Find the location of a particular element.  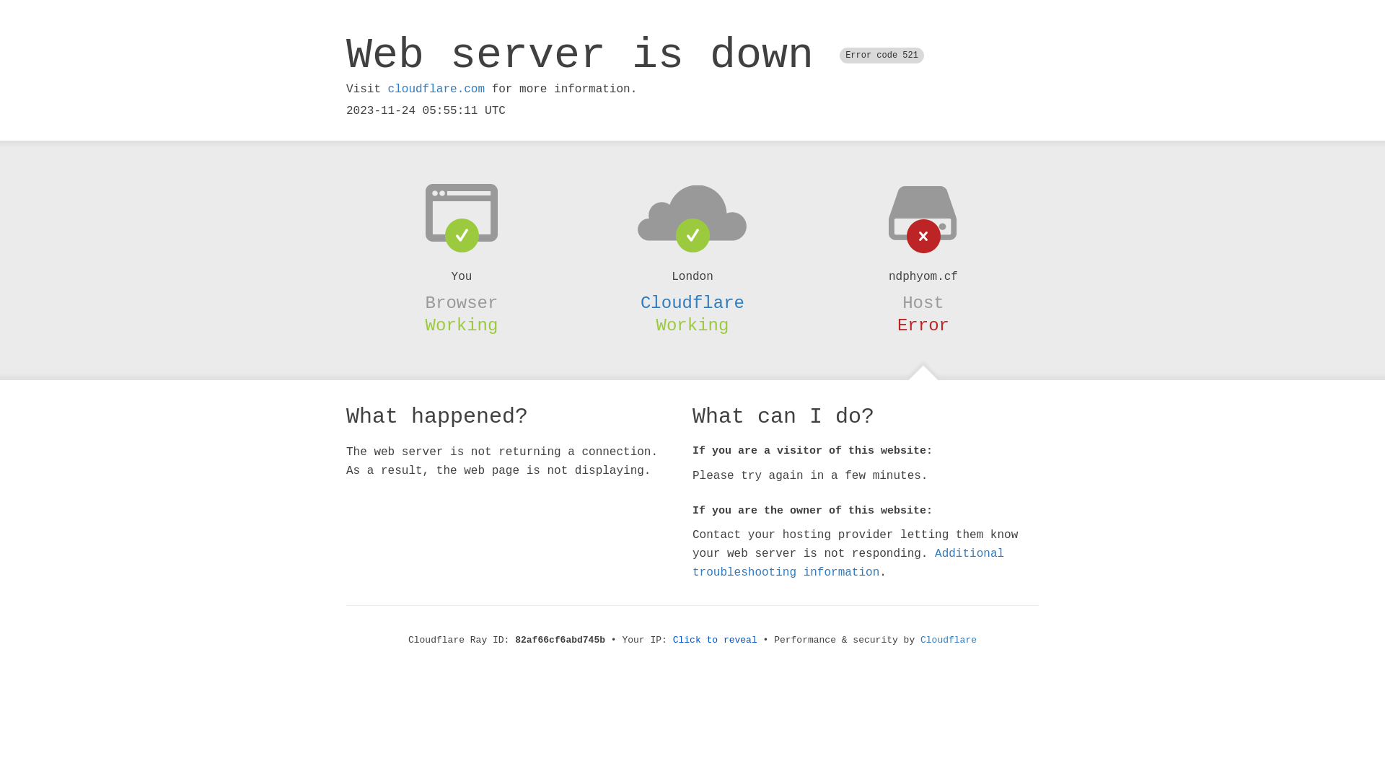

'Cloudflare' is located at coordinates (920, 639).